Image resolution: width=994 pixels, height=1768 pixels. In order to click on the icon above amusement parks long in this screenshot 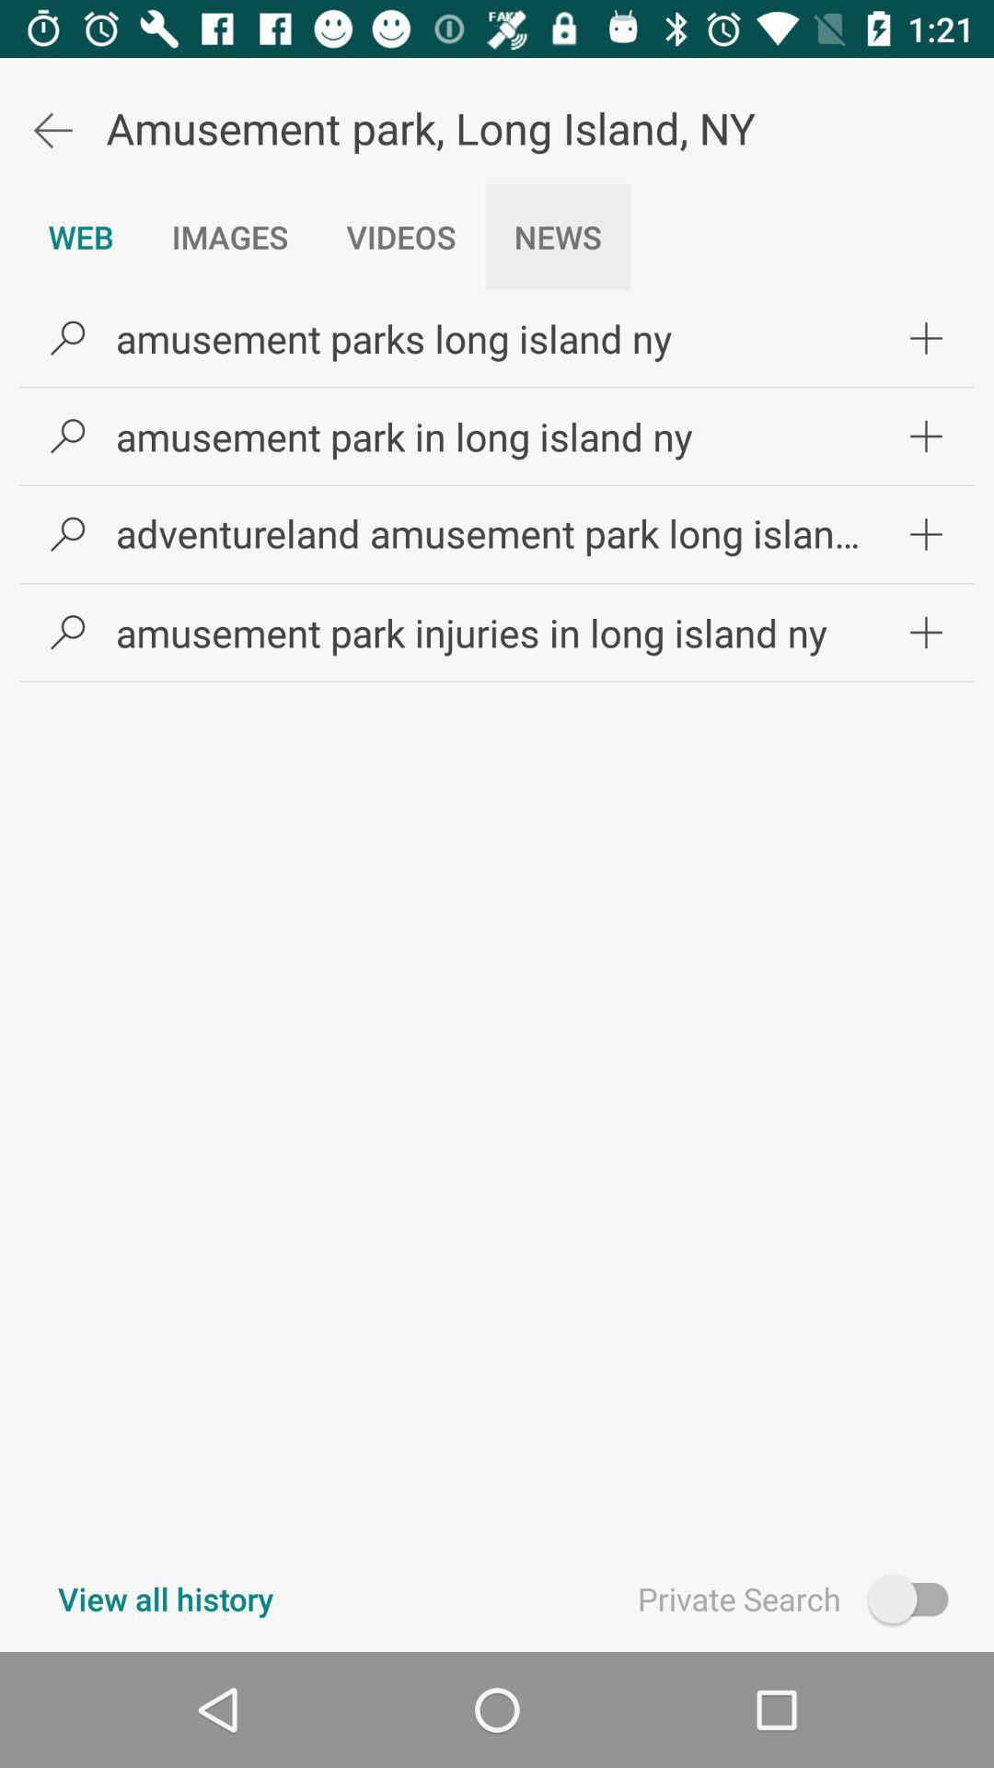, I will do `click(400, 236)`.